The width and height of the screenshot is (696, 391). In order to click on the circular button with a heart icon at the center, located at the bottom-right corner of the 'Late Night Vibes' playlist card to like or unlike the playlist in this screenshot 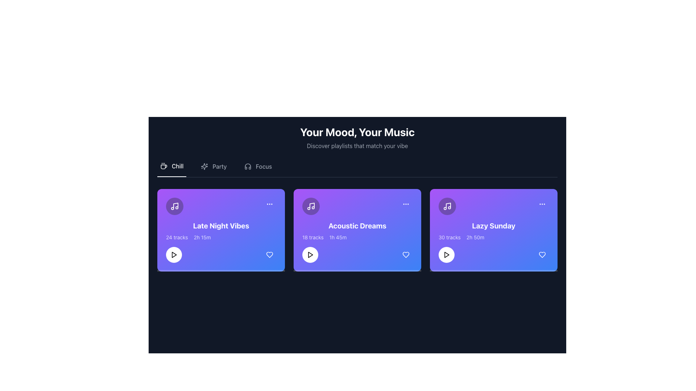, I will do `click(269, 255)`.